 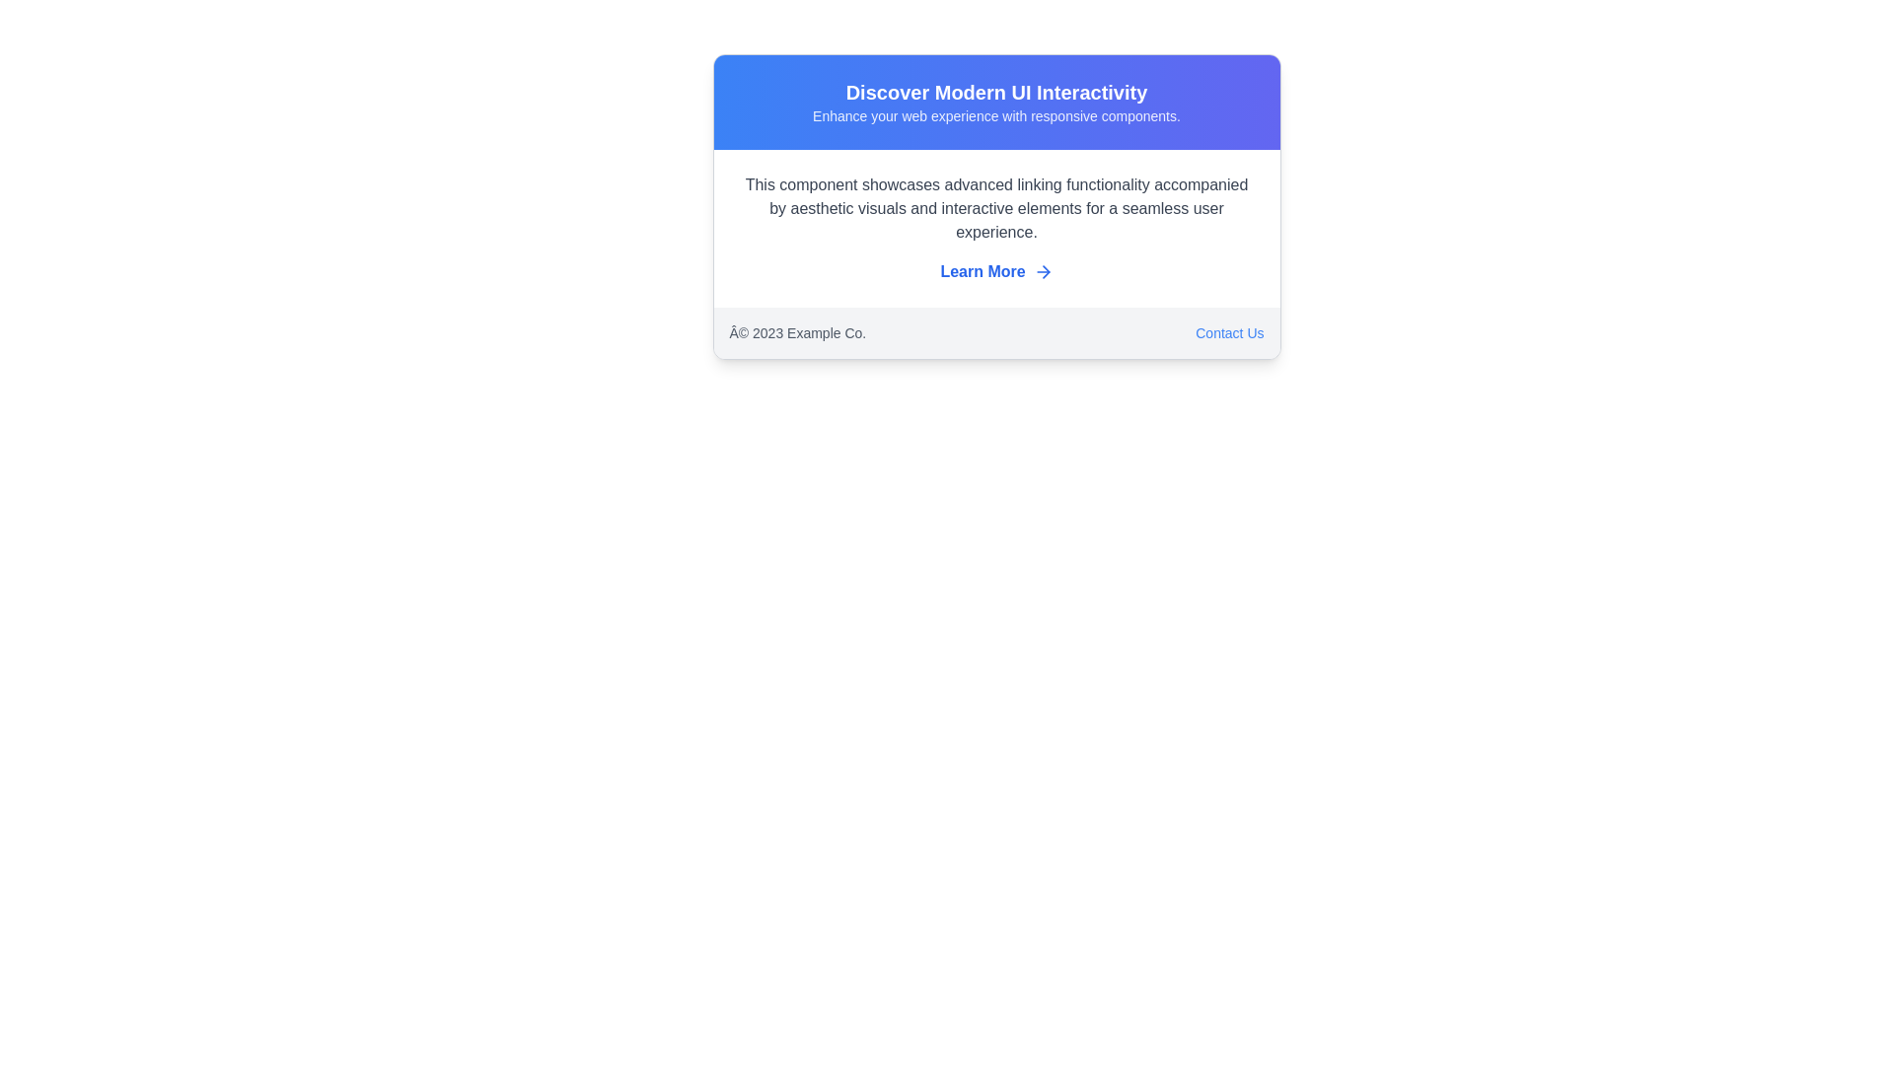 What do you see at coordinates (1045, 272) in the screenshot?
I see `the right-pointing arrowhead shaped icon, which is a simple outline and located towards the right end of a horizontal group of components` at bounding box center [1045, 272].